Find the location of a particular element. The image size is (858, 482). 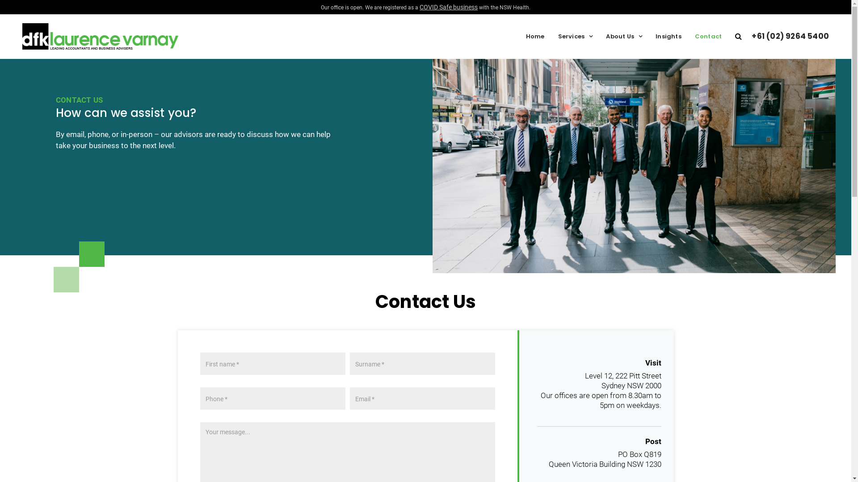

'About Us' is located at coordinates (606, 36).